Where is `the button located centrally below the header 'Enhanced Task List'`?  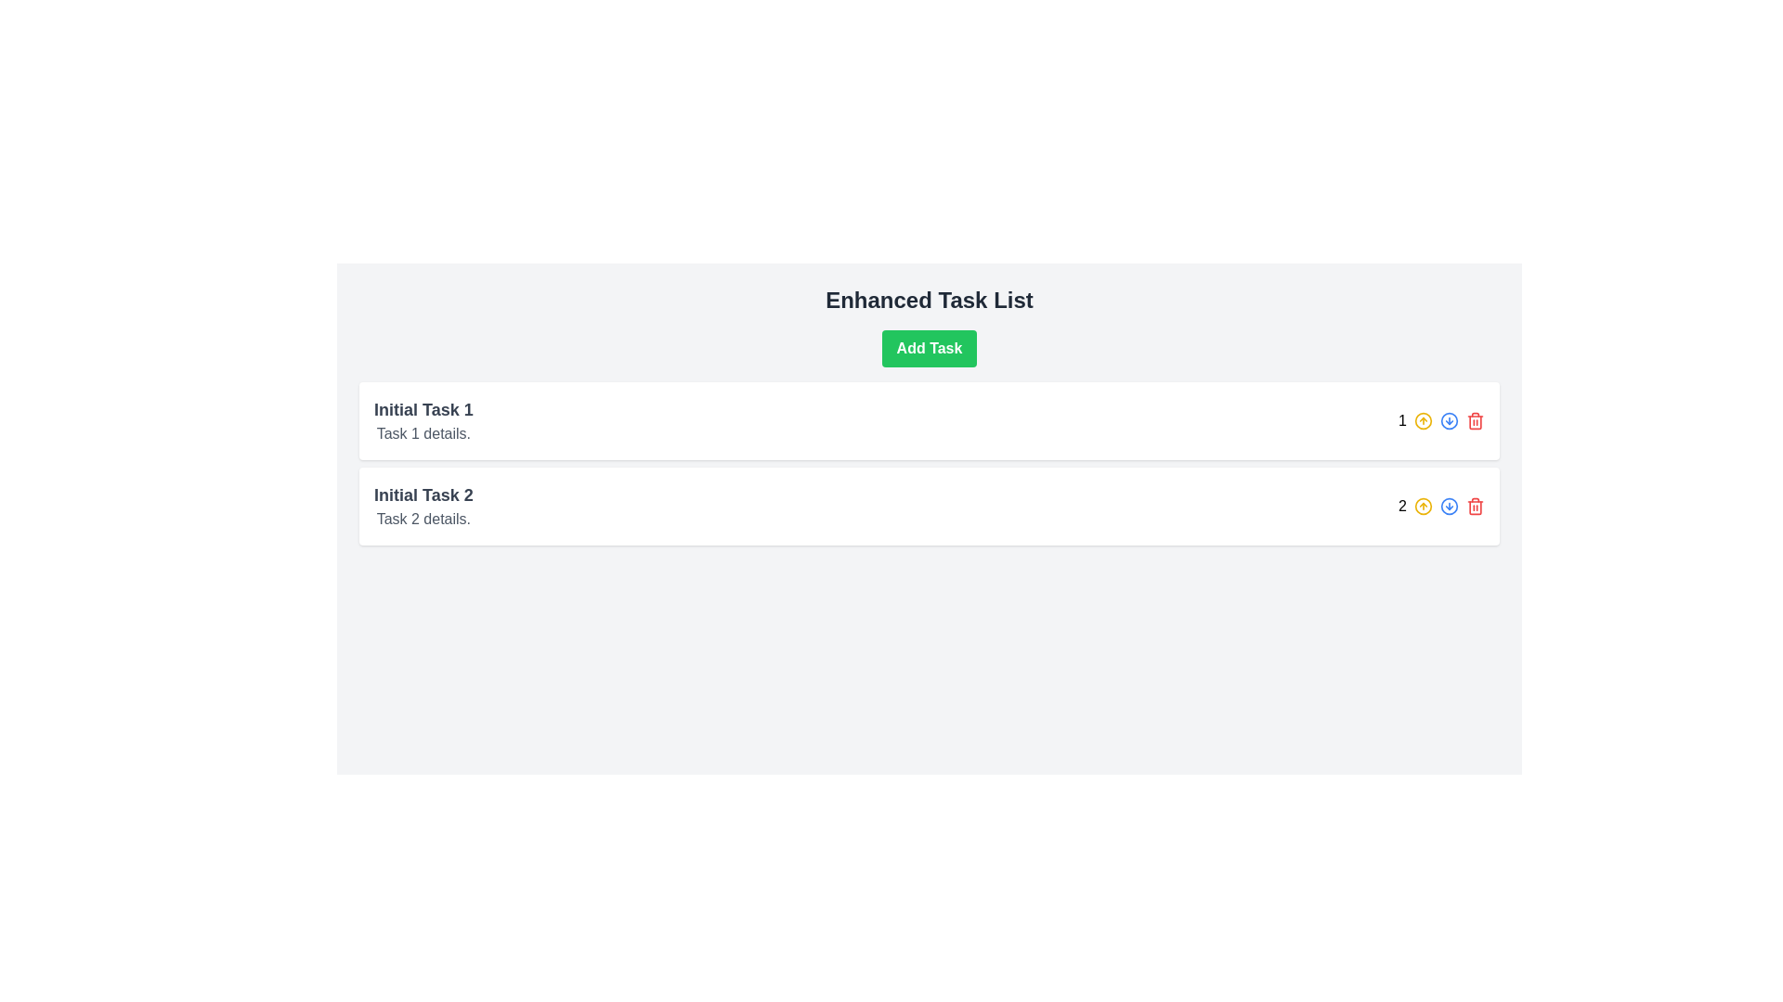
the button located centrally below the header 'Enhanced Task List' is located at coordinates (928, 348).